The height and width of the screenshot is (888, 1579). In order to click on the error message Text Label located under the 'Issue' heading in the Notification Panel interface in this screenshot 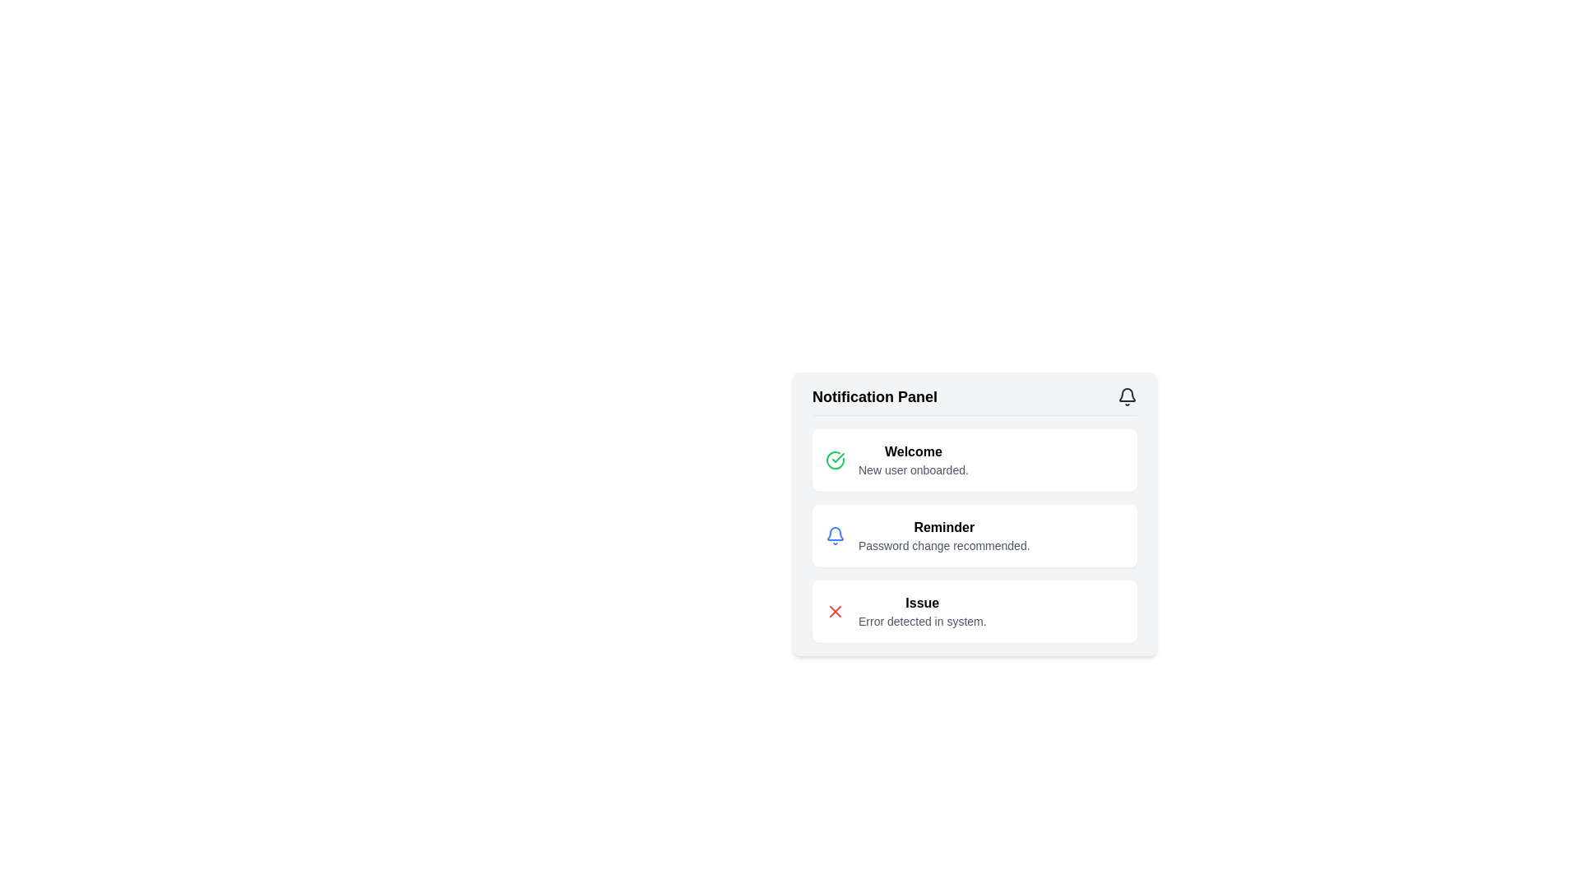, I will do `click(922, 622)`.